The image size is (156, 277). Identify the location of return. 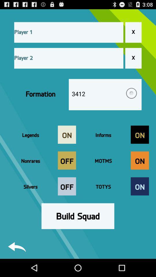
(17, 247).